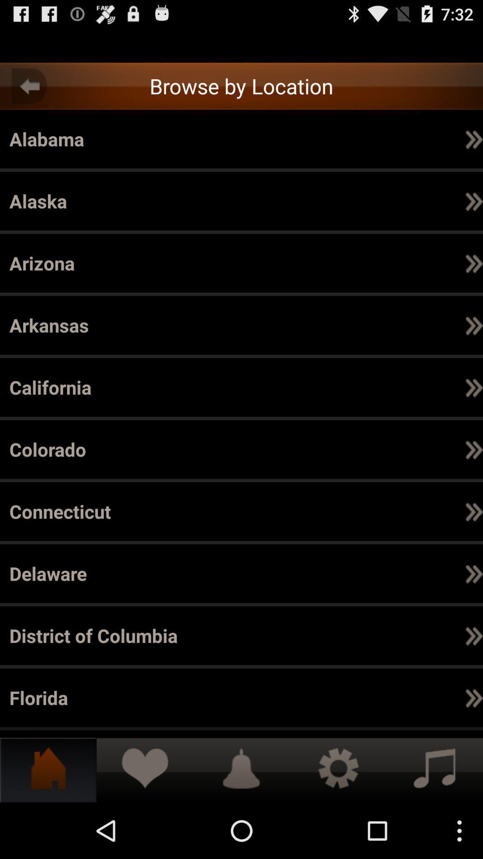 This screenshot has height=859, width=483. What do you see at coordinates (474, 635) in the screenshot?
I see `app to the right of the   el dorado` at bounding box center [474, 635].